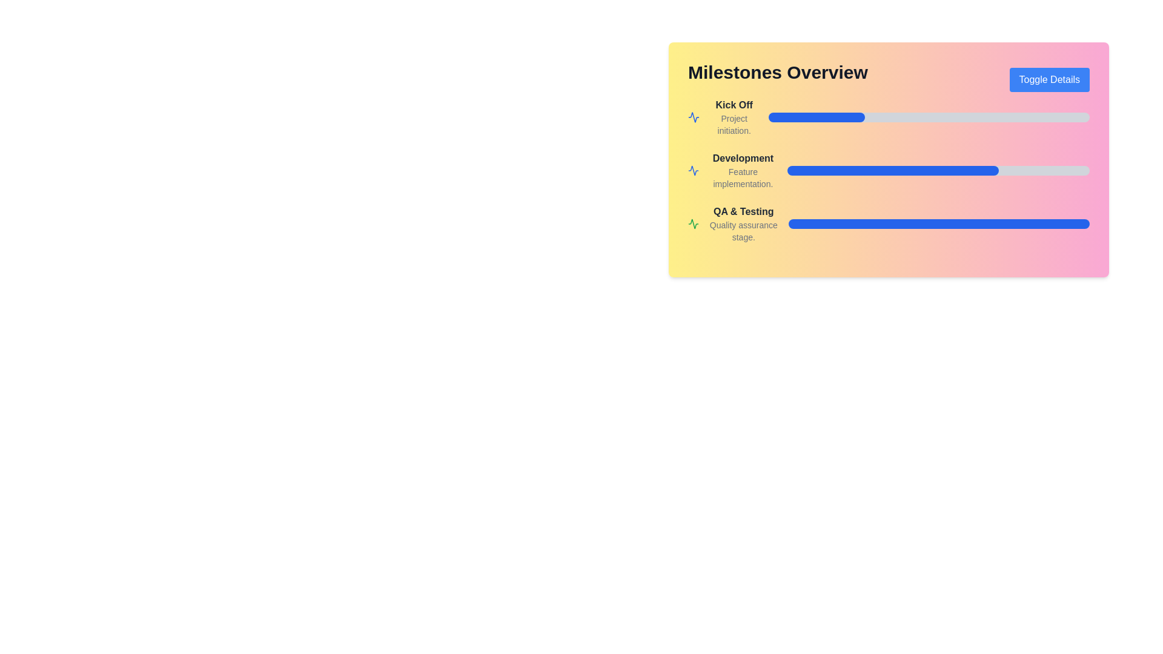  Describe the element at coordinates (889, 224) in the screenshot. I see `the progress bar of the 'QA & Testing' milestone component, which is the third milestone in the vertical sequence within the 'Milestones Overview' section` at that location.